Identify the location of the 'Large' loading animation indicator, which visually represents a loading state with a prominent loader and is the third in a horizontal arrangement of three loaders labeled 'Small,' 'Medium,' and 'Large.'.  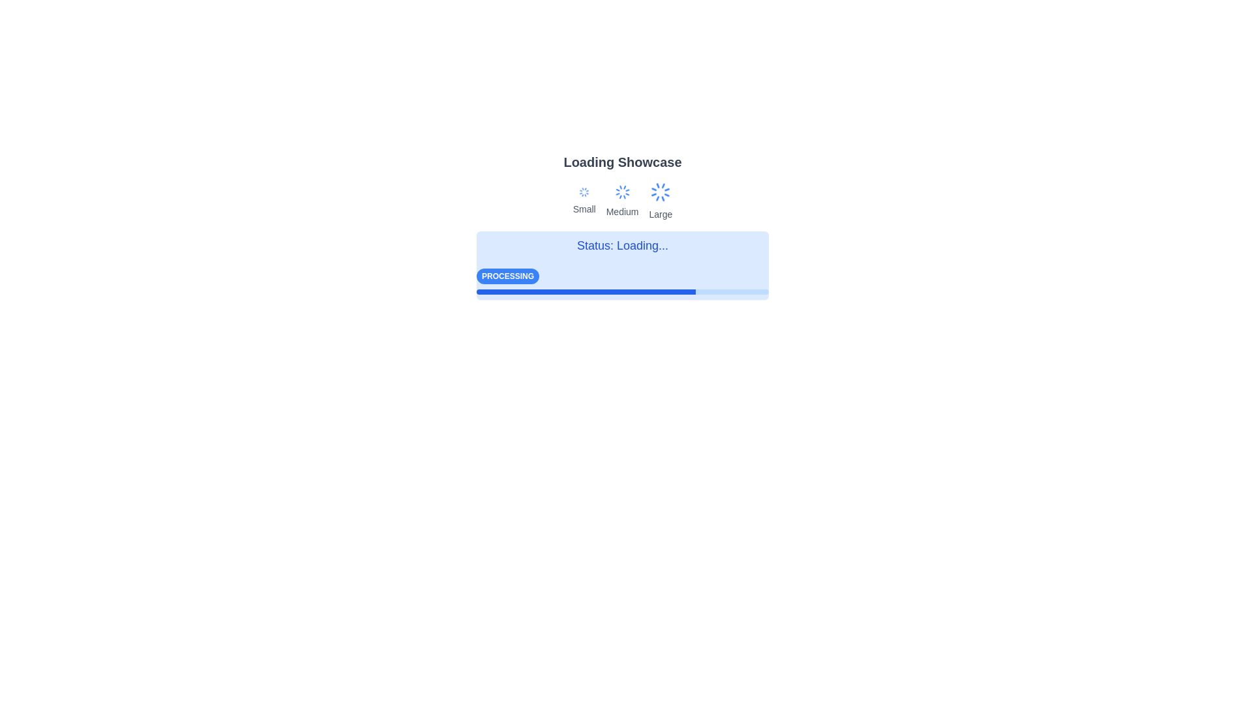
(661, 201).